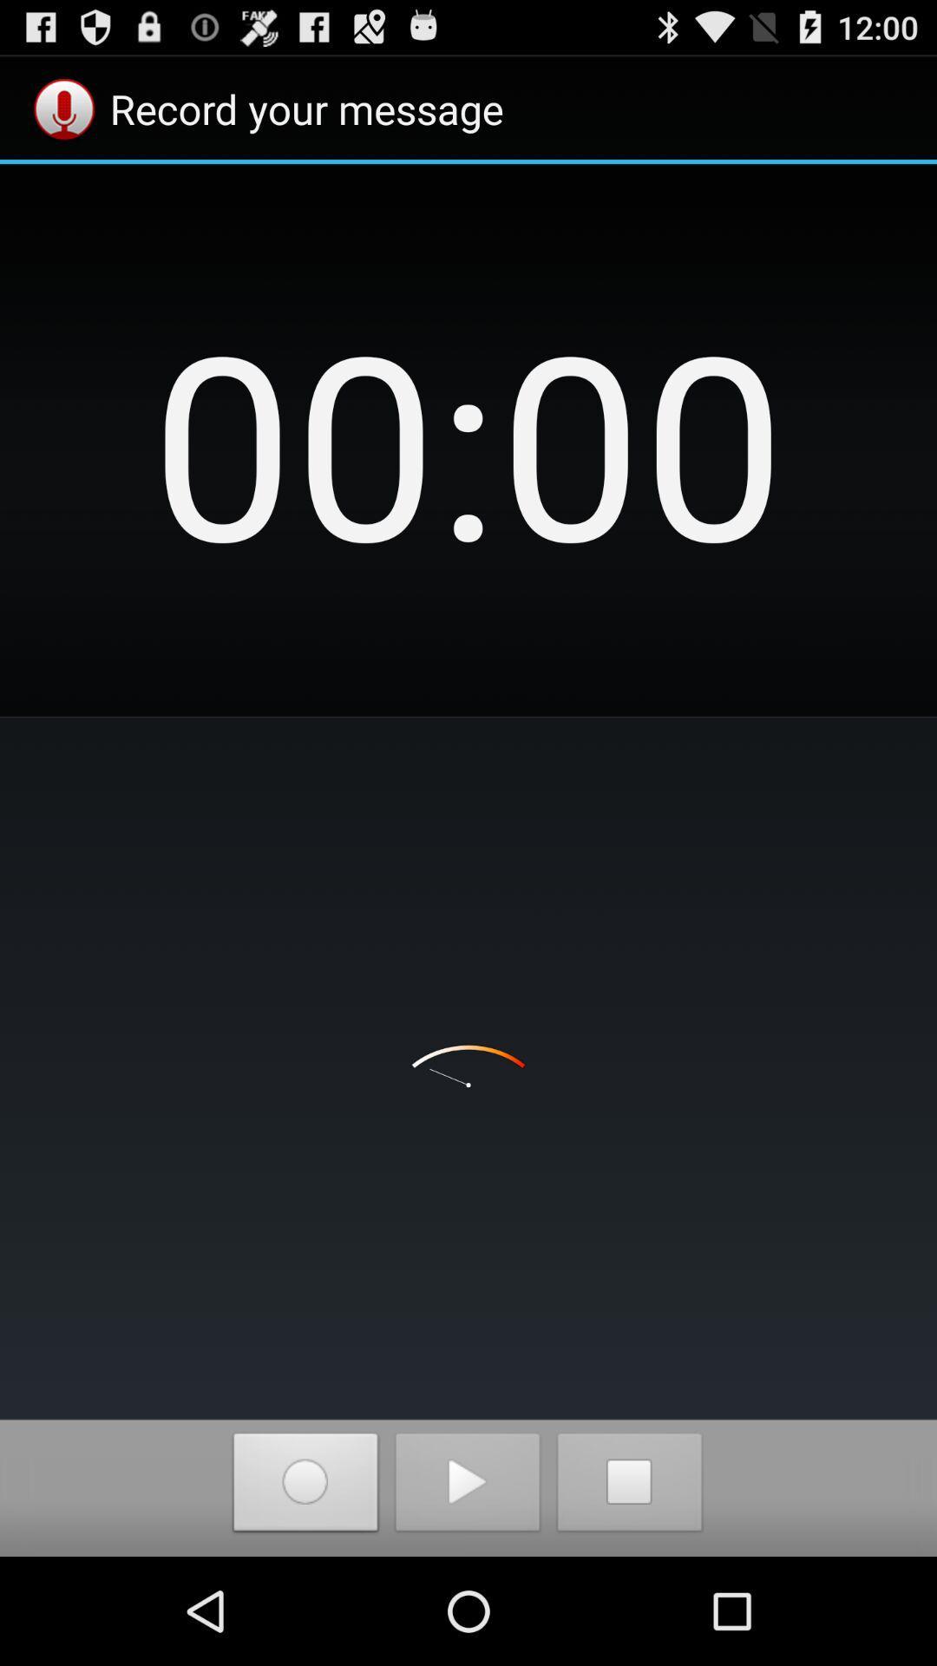 The image size is (937, 1666). I want to click on the play icon, so click(467, 1591).